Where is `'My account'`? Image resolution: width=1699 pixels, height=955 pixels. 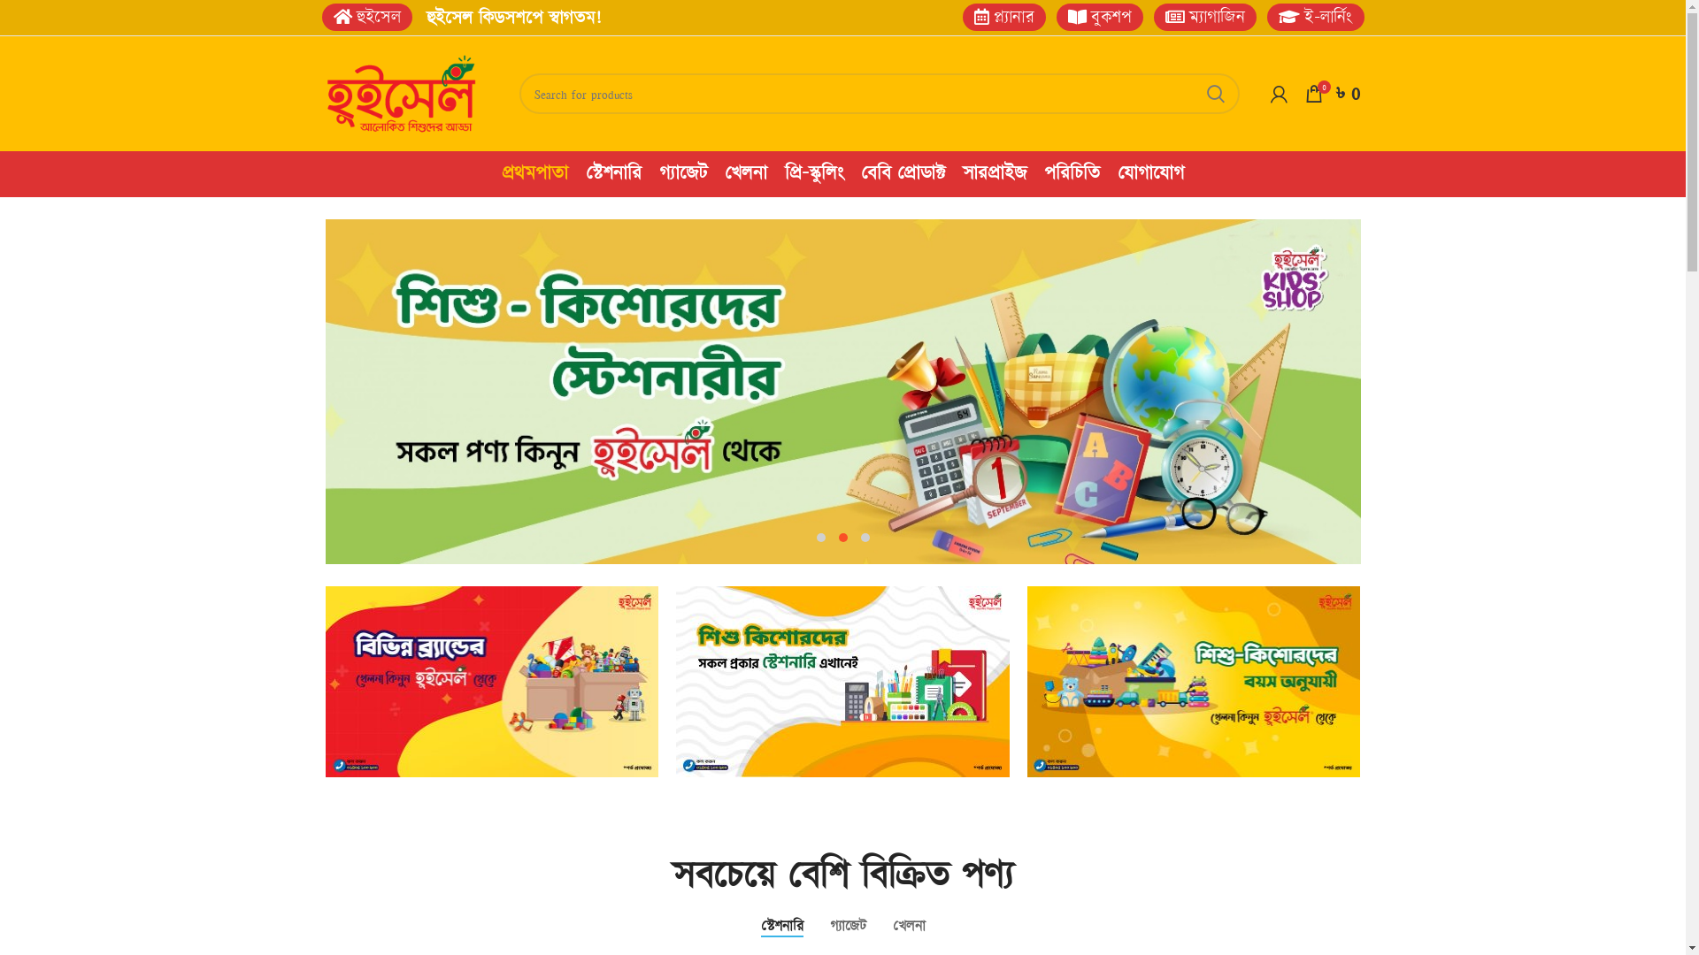
'My account' is located at coordinates (1279, 93).